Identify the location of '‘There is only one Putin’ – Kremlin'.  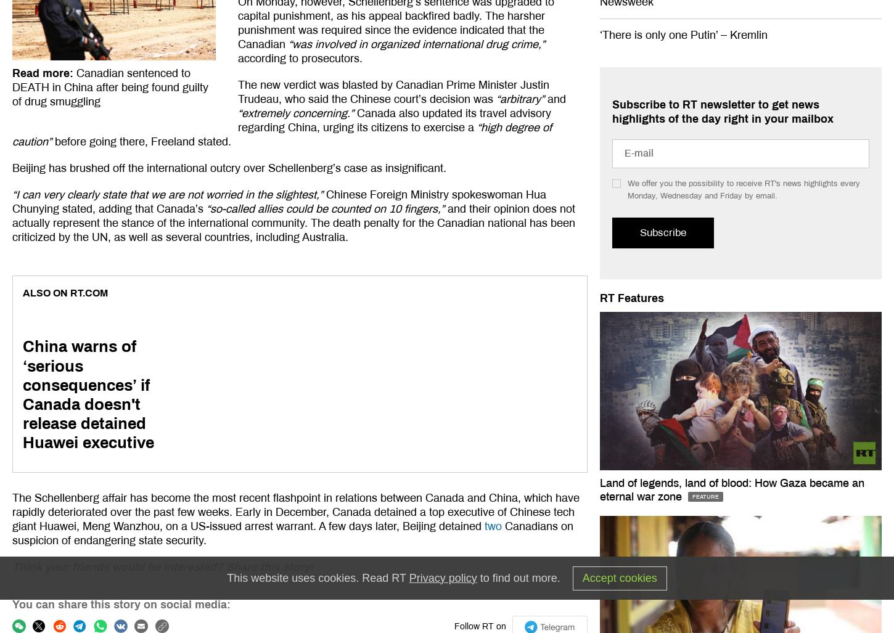
(683, 35).